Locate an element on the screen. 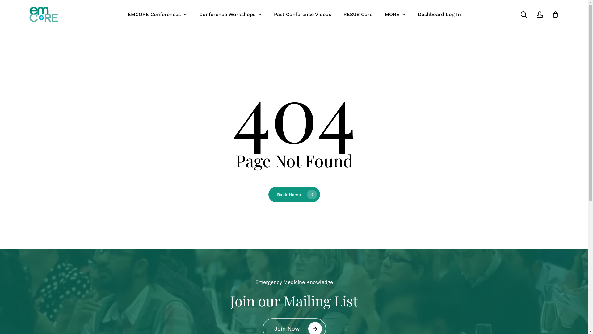 Image resolution: width=593 pixels, height=334 pixels. 'account' is located at coordinates (539, 14).